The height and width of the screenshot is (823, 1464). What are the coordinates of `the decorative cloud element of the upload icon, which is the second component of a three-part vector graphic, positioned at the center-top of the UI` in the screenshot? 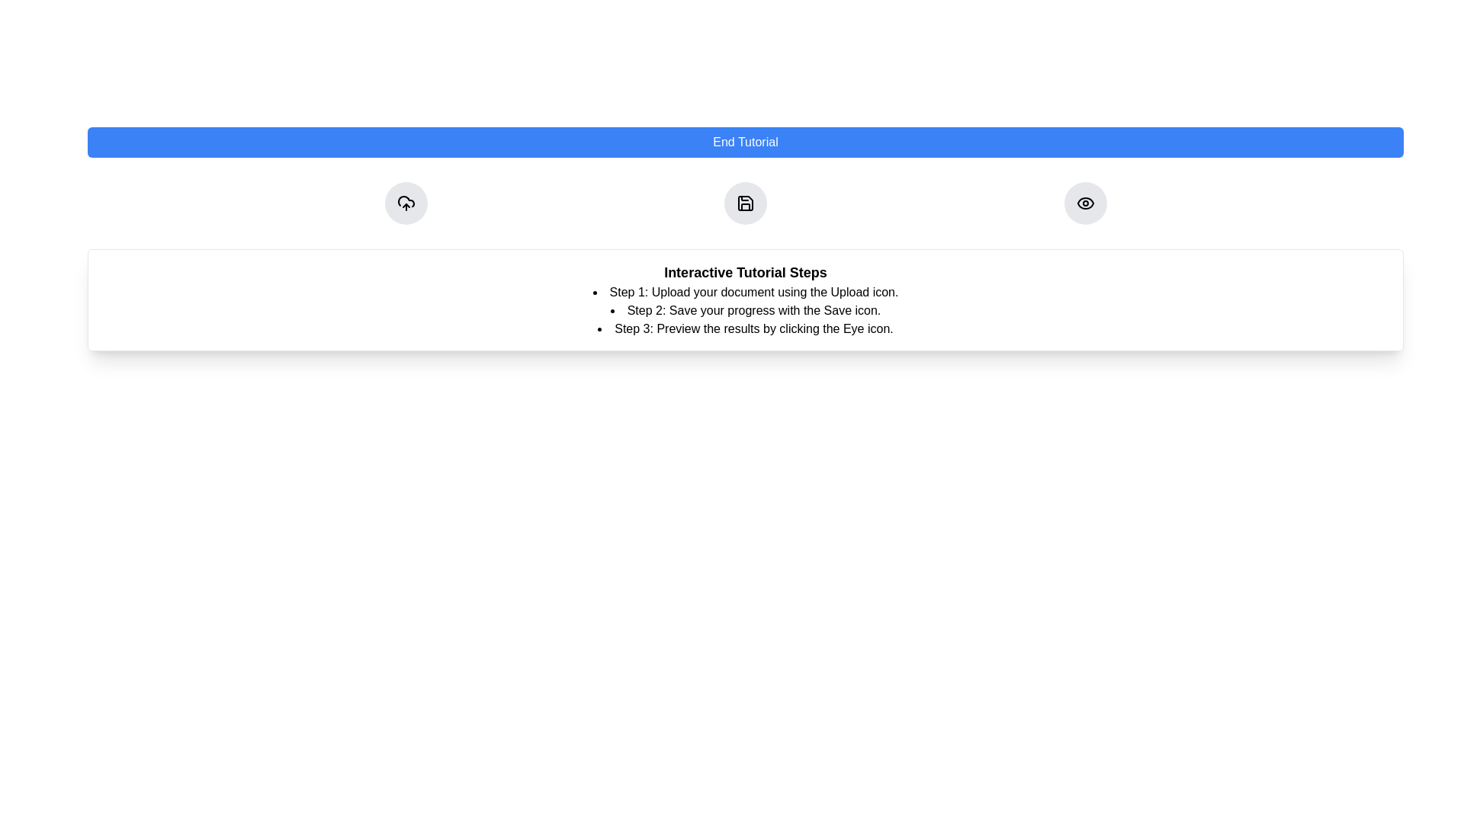 It's located at (406, 200).